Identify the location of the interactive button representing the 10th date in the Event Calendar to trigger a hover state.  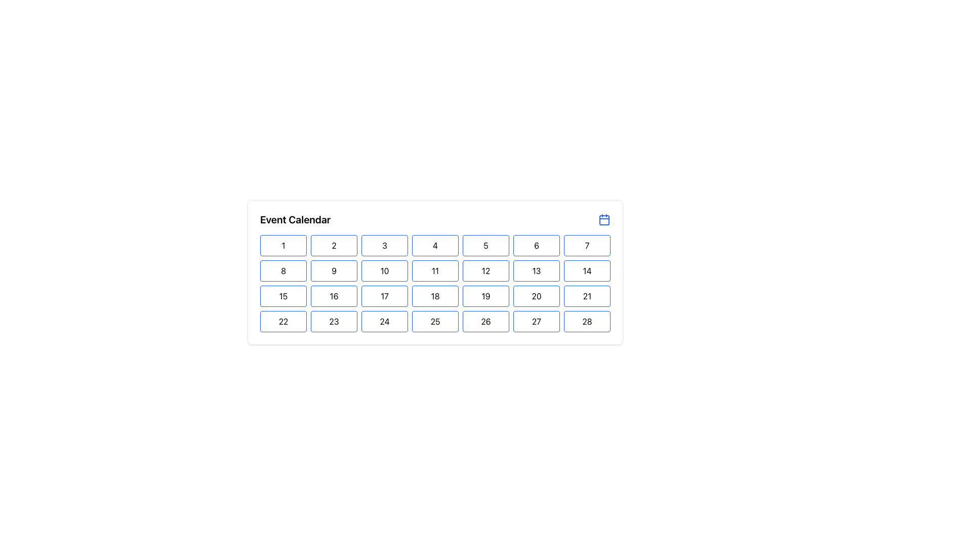
(384, 270).